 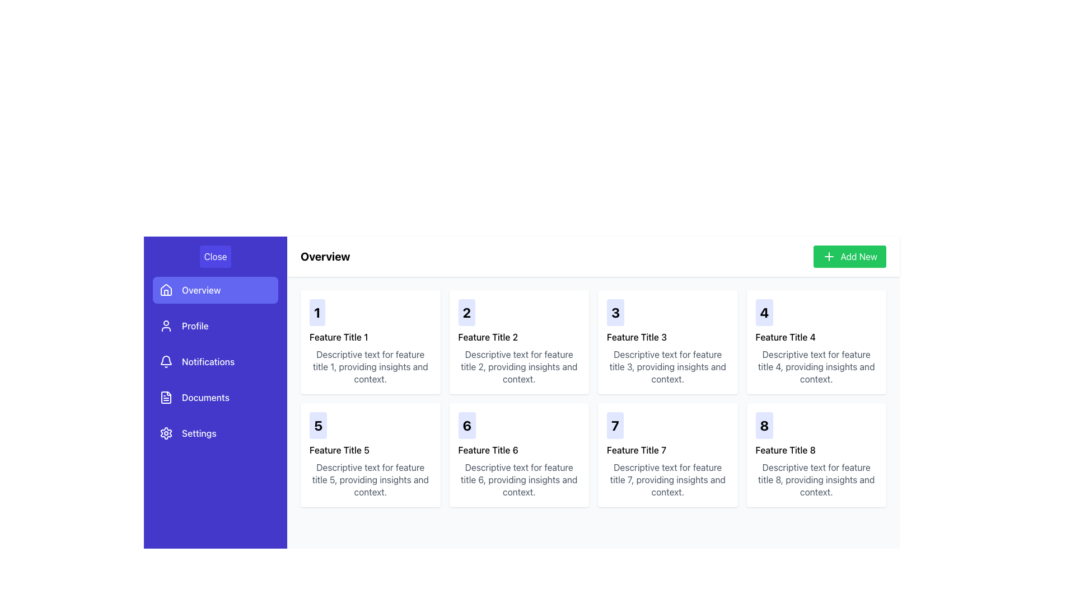 I want to click on the Information card that displays a numerical identifier '8' and provides a summary of a feature, located in the fourth row and fourth column of the grid layout, so click(x=816, y=455).